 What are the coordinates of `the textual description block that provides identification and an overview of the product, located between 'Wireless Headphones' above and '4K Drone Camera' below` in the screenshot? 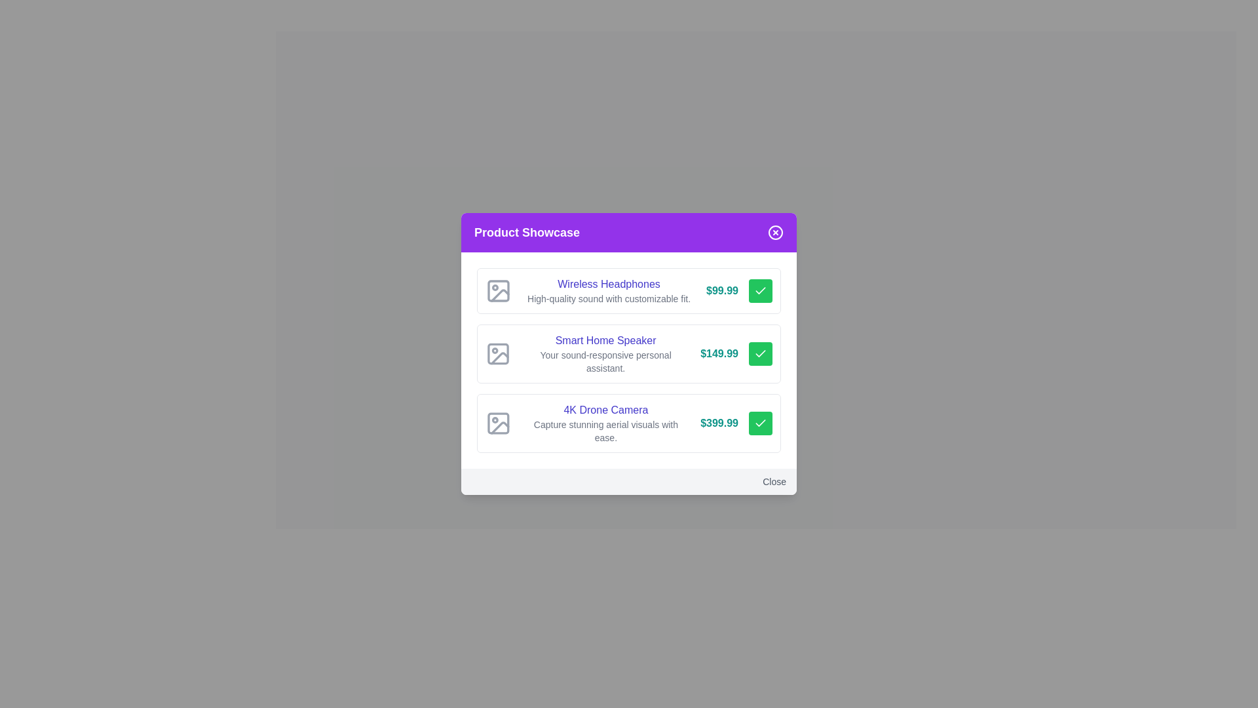 It's located at (605, 354).